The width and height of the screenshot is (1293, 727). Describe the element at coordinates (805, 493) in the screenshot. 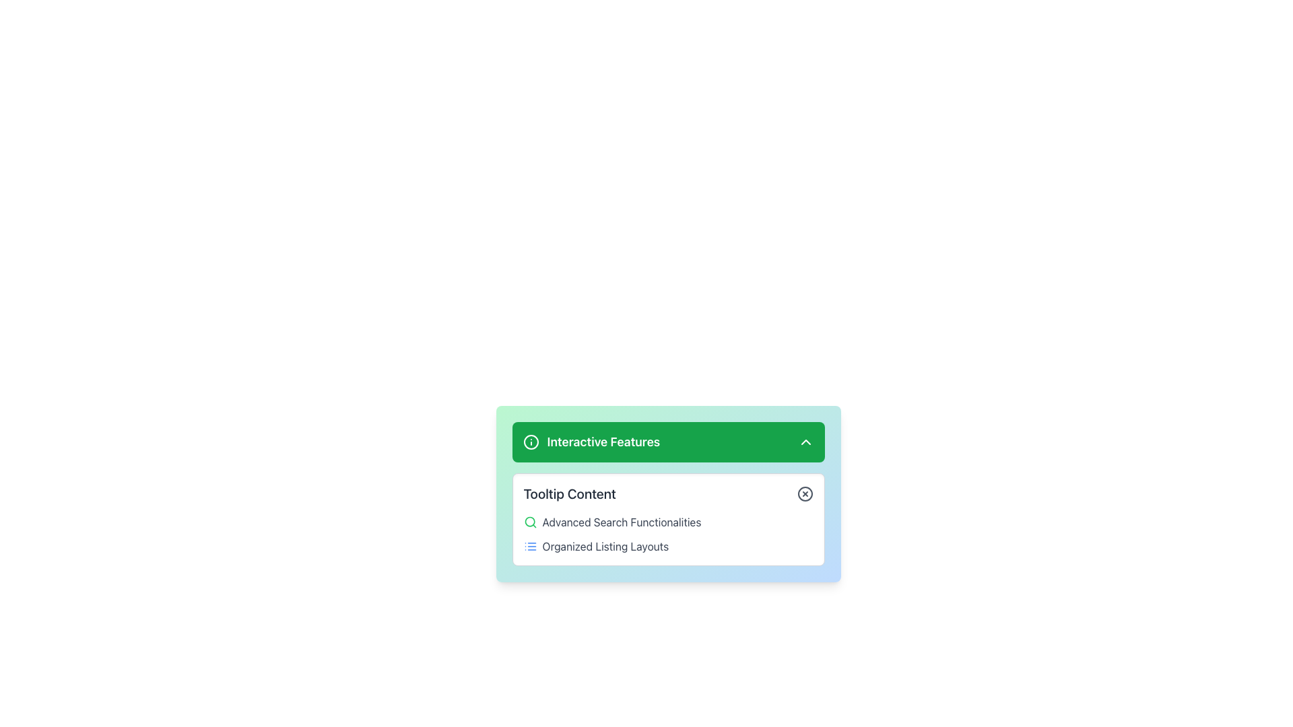

I see `the close button icon, which is a circular icon with a cross inside it located in the upper-right corner of the 'Tooltip Content' box` at that location.